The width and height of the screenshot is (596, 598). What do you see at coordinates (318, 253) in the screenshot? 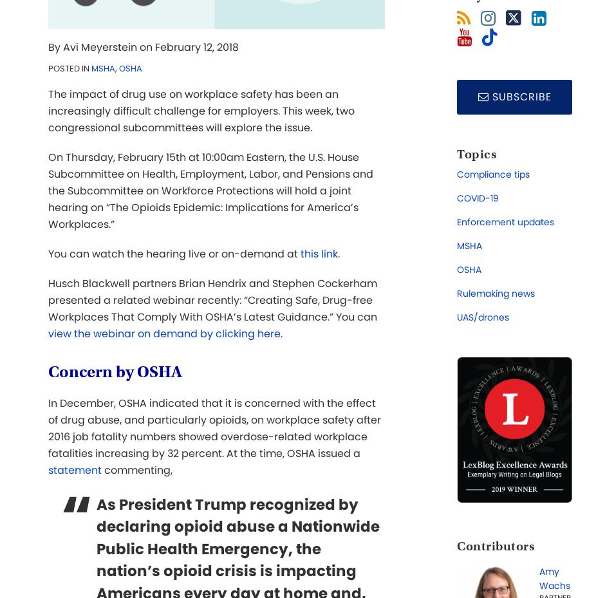
I see `'this link'` at bounding box center [318, 253].